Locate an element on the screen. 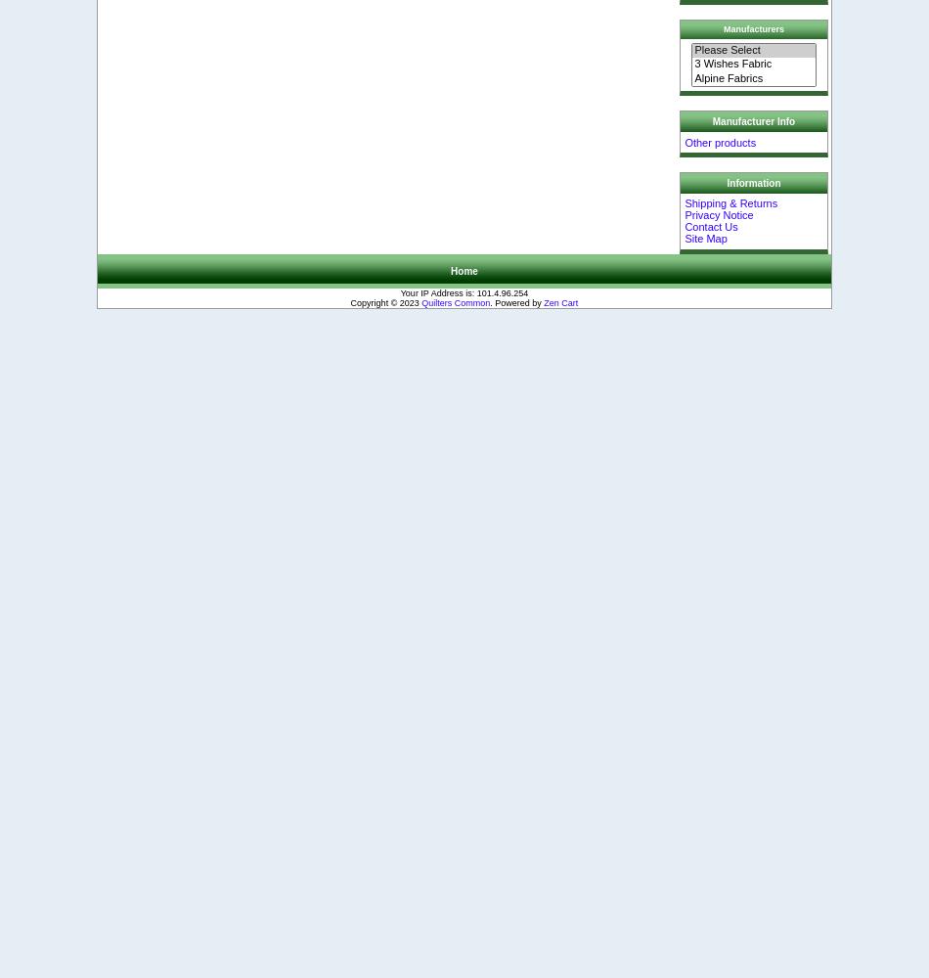  'Manufacturer Info' is located at coordinates (752, 120).